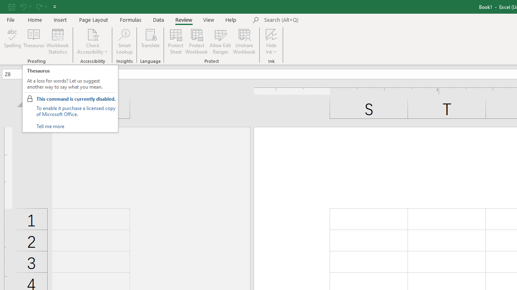  Describe the element at coordinates (33, 41) in the screenshot. I see `'Thesaurus...'` at that location.